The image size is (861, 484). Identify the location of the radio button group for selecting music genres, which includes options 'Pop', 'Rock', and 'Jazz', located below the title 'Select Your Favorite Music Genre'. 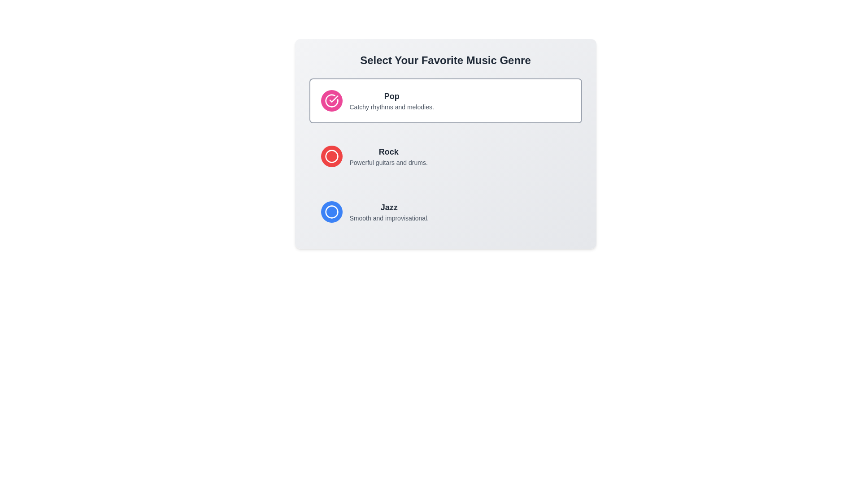
(445, 156).